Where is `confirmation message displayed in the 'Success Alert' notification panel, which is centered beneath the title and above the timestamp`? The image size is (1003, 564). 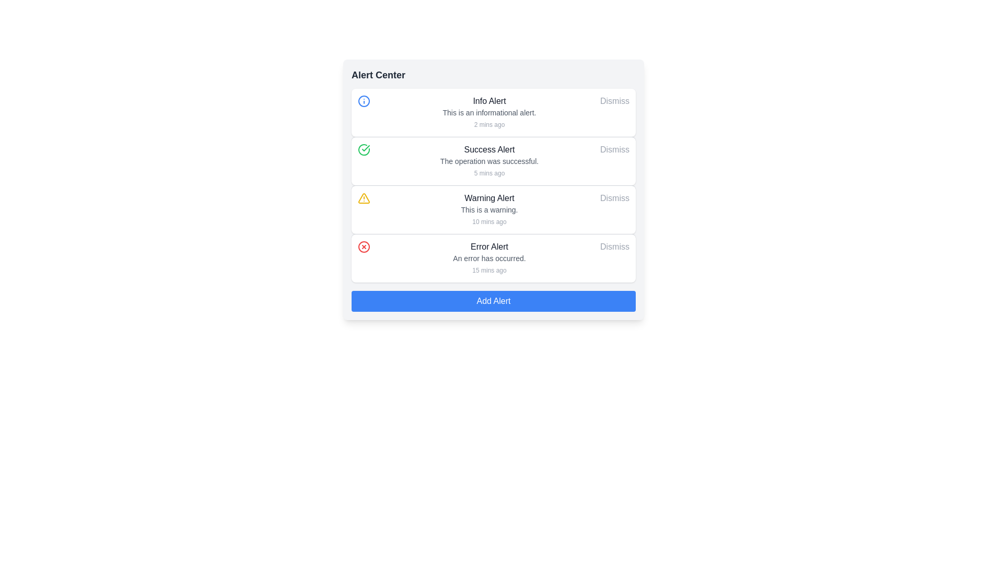 confirmation message displayed in the 'Success Alert' notification panel, which is centered beneath the title and above the timestamp is located at coordinates (488, 161).